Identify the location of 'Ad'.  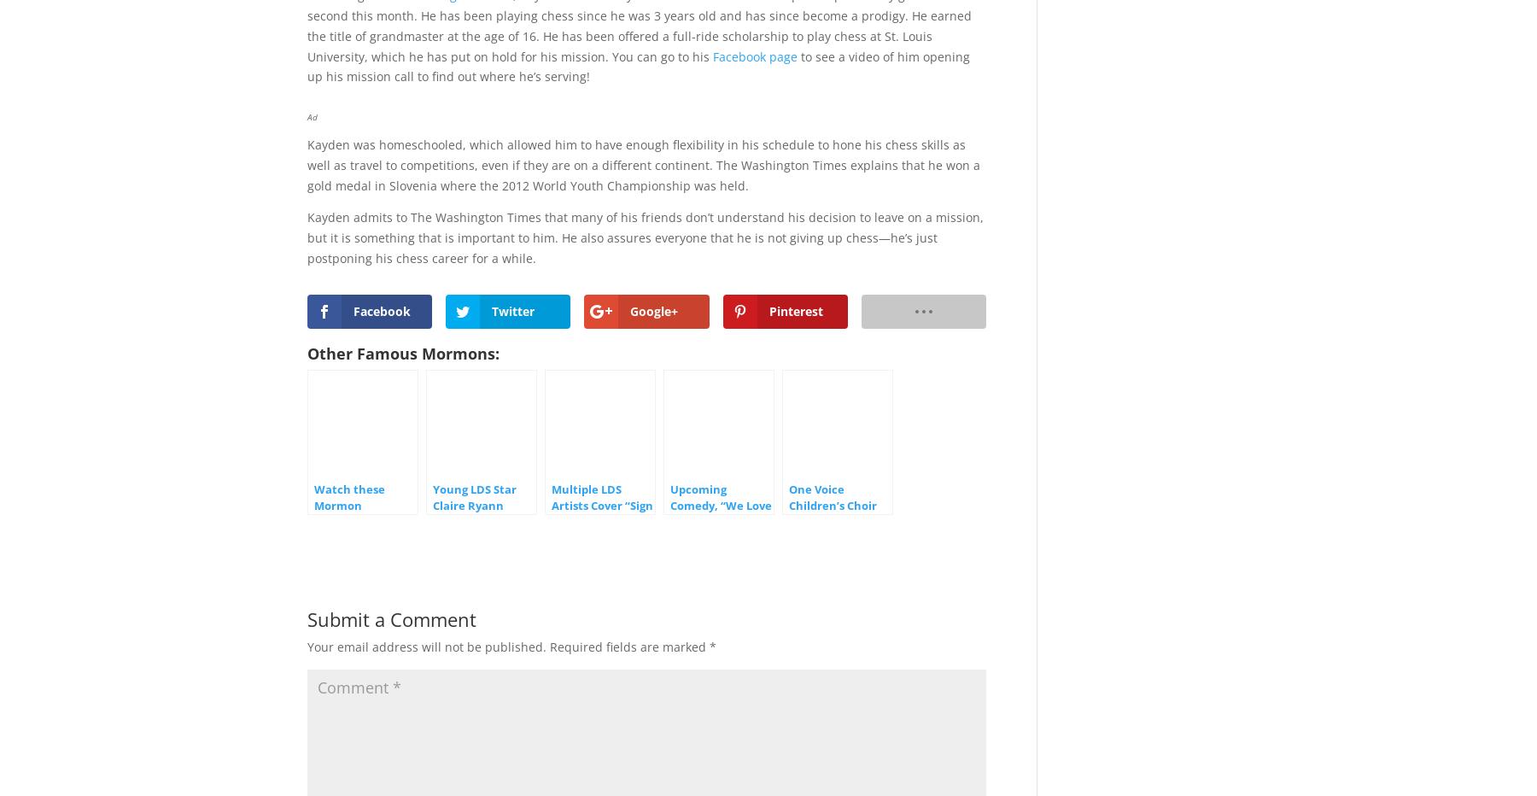
(312, 116).